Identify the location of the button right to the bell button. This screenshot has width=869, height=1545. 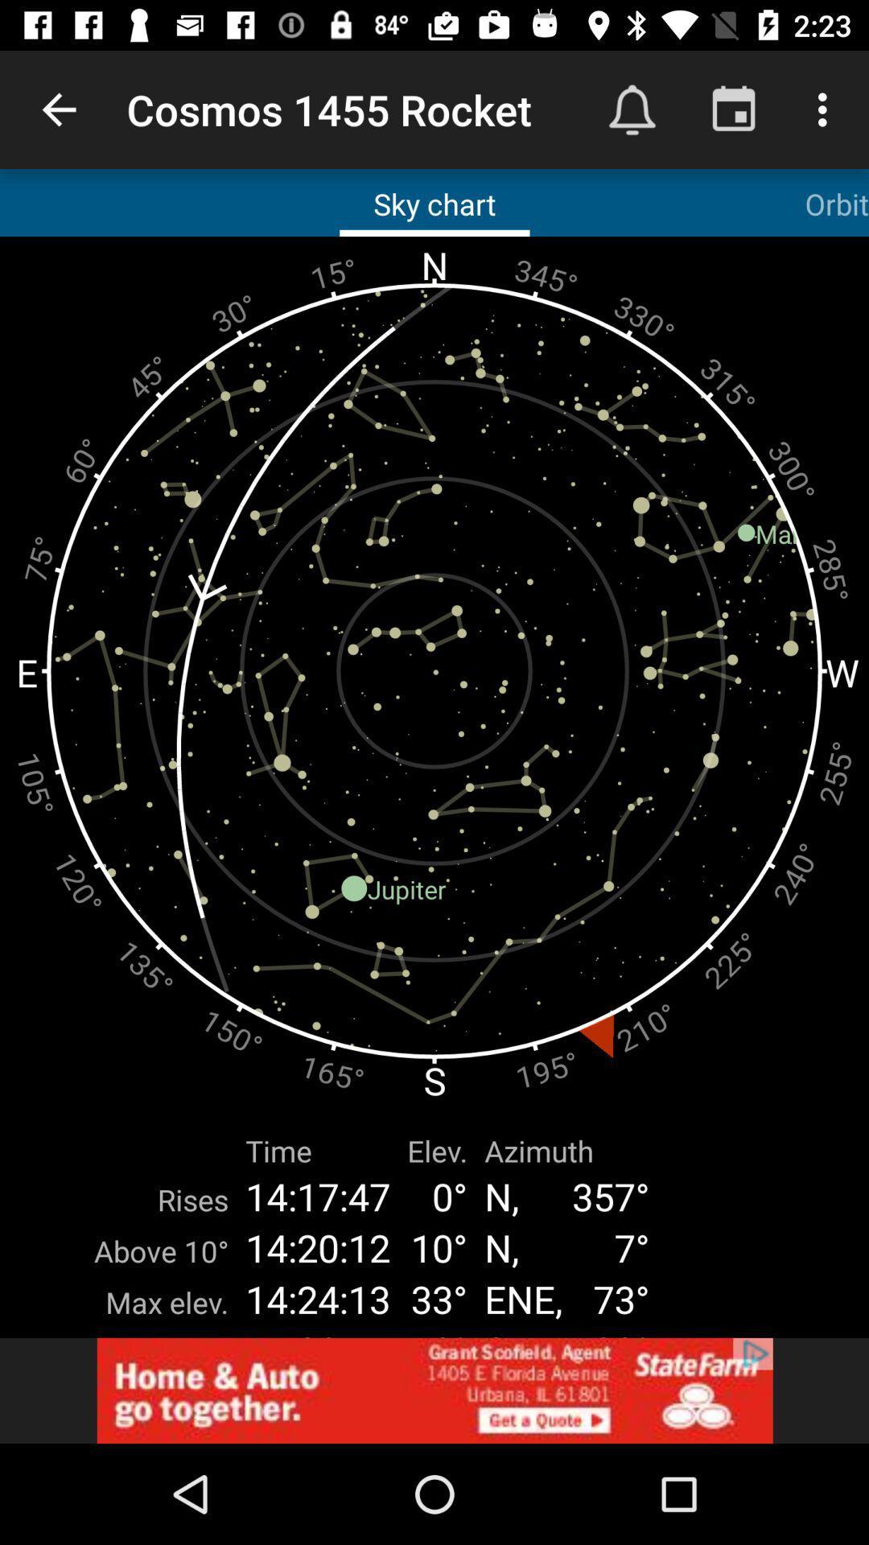
(733, 109).